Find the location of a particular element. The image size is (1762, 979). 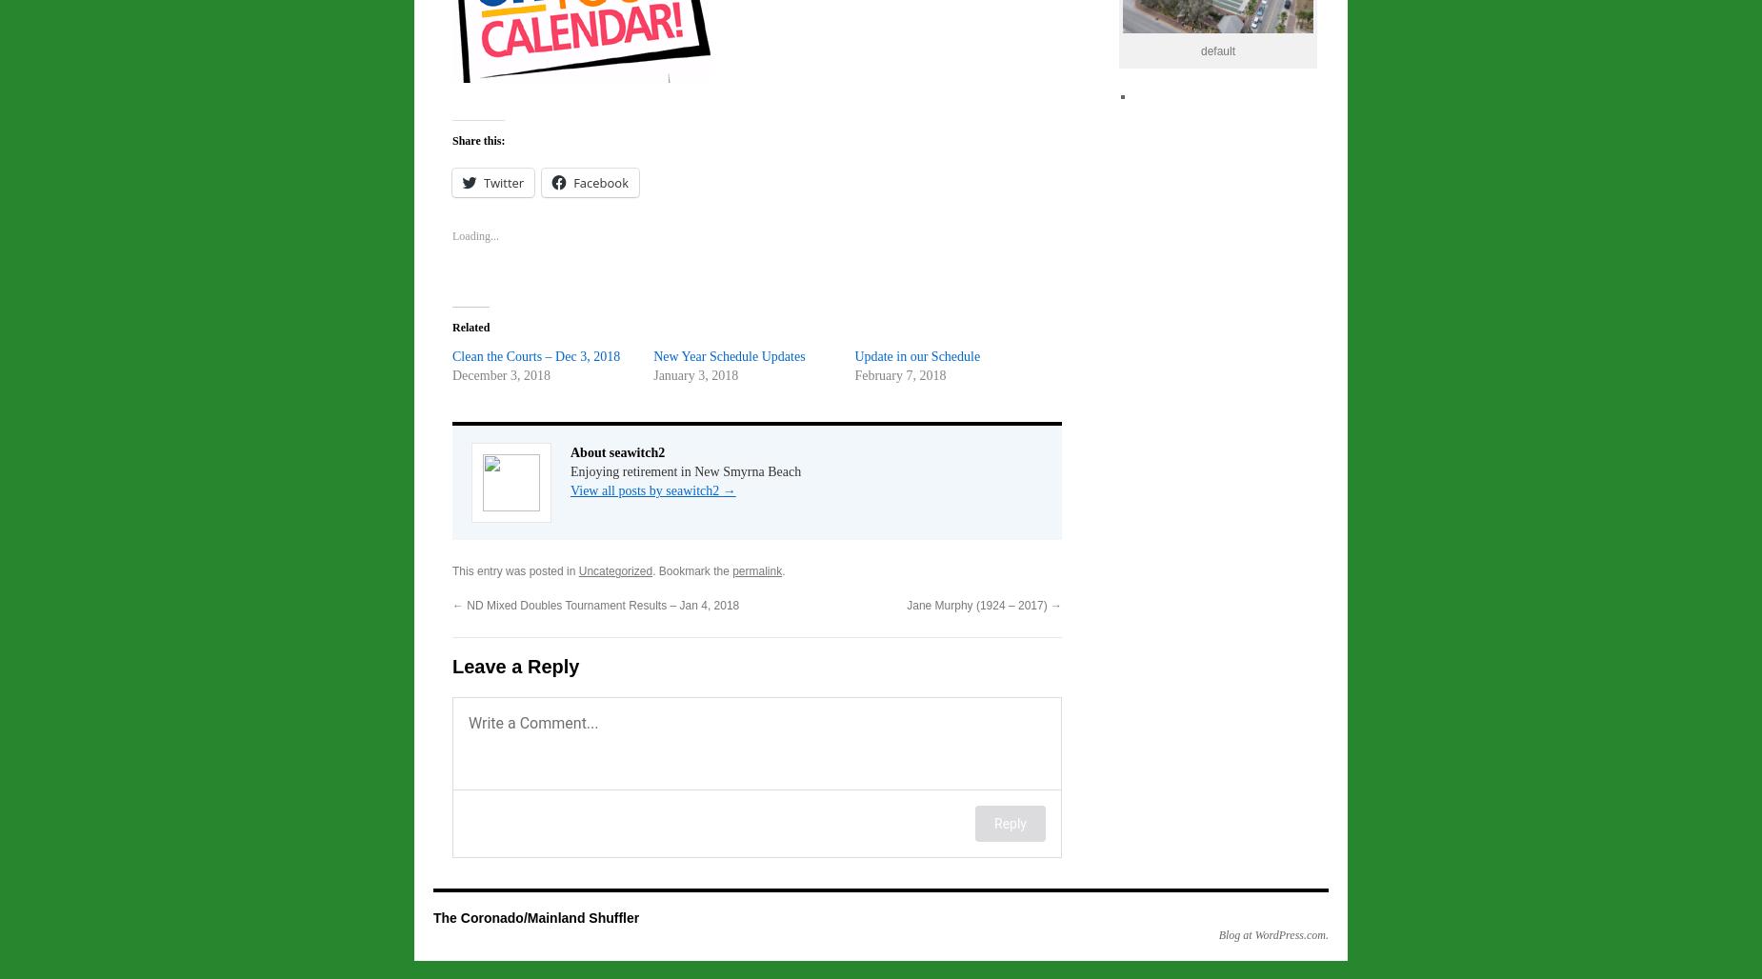

'Reply' is located at coordinates (1009, 822).